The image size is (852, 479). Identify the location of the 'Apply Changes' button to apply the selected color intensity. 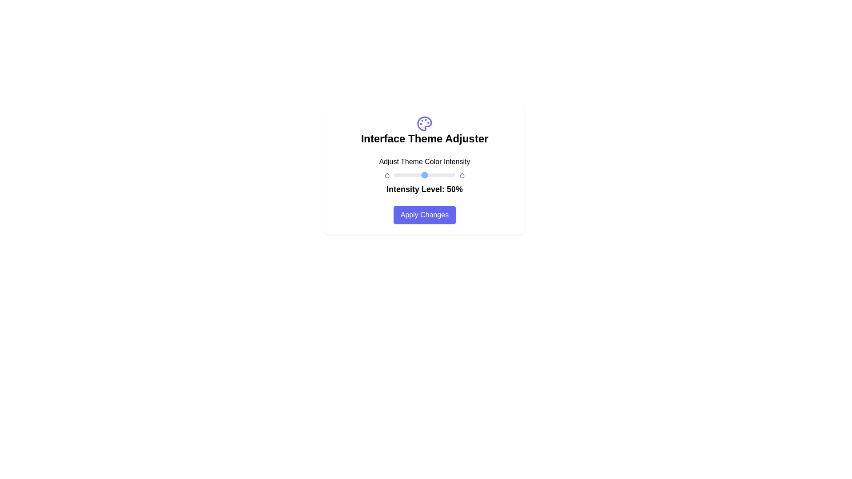
(424, 215).